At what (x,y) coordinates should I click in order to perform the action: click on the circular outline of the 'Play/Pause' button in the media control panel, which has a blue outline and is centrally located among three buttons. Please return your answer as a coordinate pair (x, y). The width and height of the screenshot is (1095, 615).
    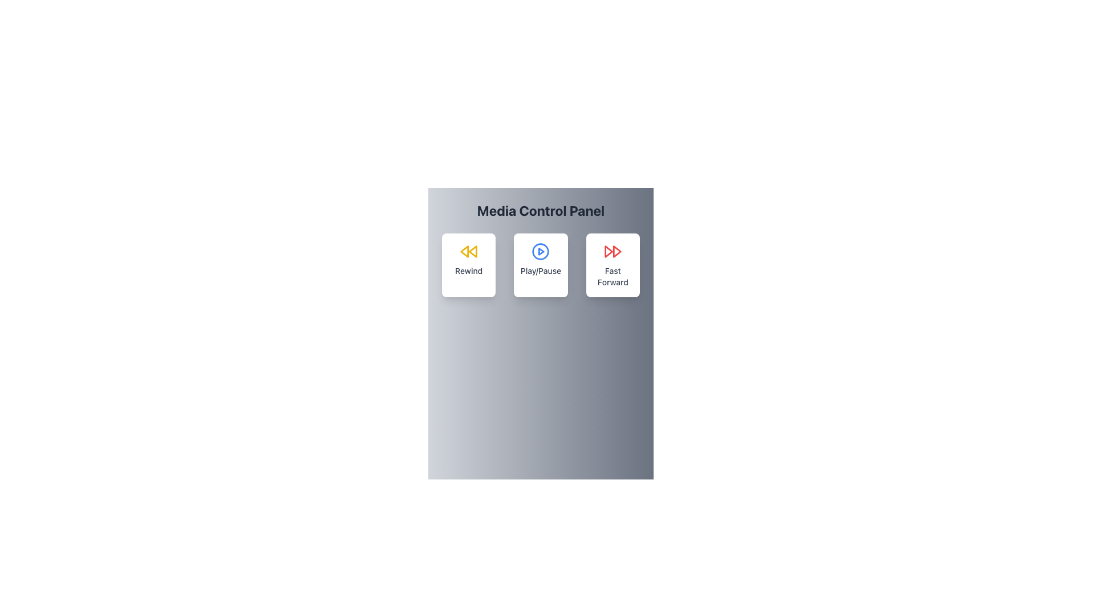
    Looking at the image, I should click on (540, 251).